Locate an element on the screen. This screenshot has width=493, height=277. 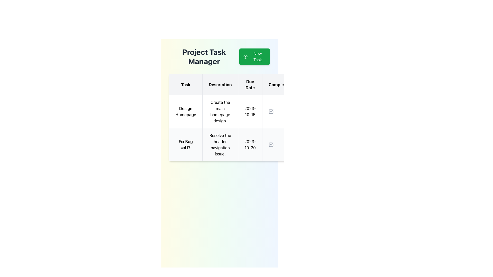
interactive cells within the task manager table located directly below the 'Project Task Manager' and 'New Task' button is located at coordinates (245, 118).